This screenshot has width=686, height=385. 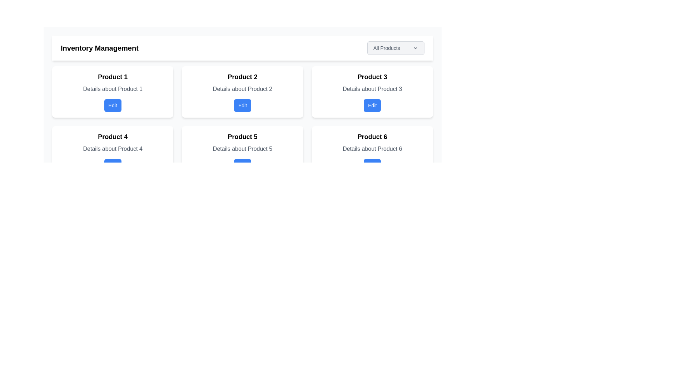 I want to click on the text label displaying 'Details about Product 2' located within the 'Product 2' card, positioned between the title 'Product 2' and the 'Edit' button, so click(x=242, y=89).